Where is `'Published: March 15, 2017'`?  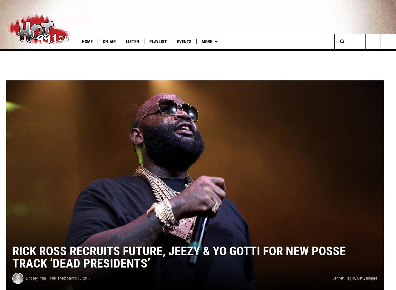
'Published: March 15, 2017' is located at coordinates (70, 286).